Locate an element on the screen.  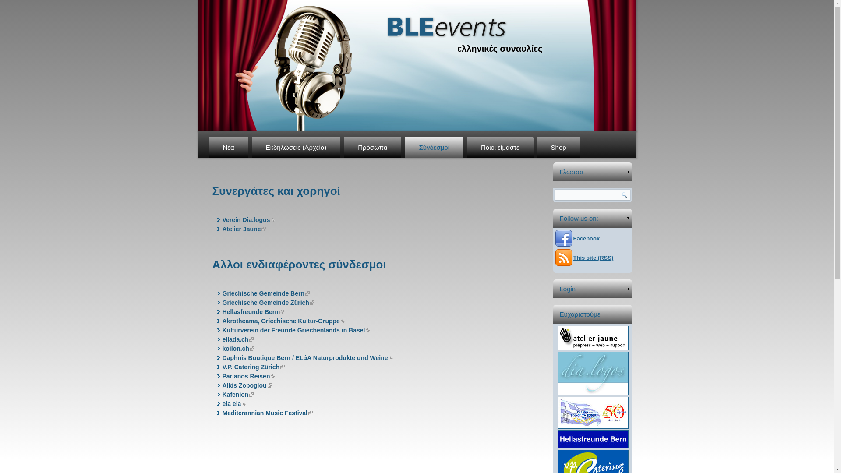
'ela ela is located at coordinates (234, 403).